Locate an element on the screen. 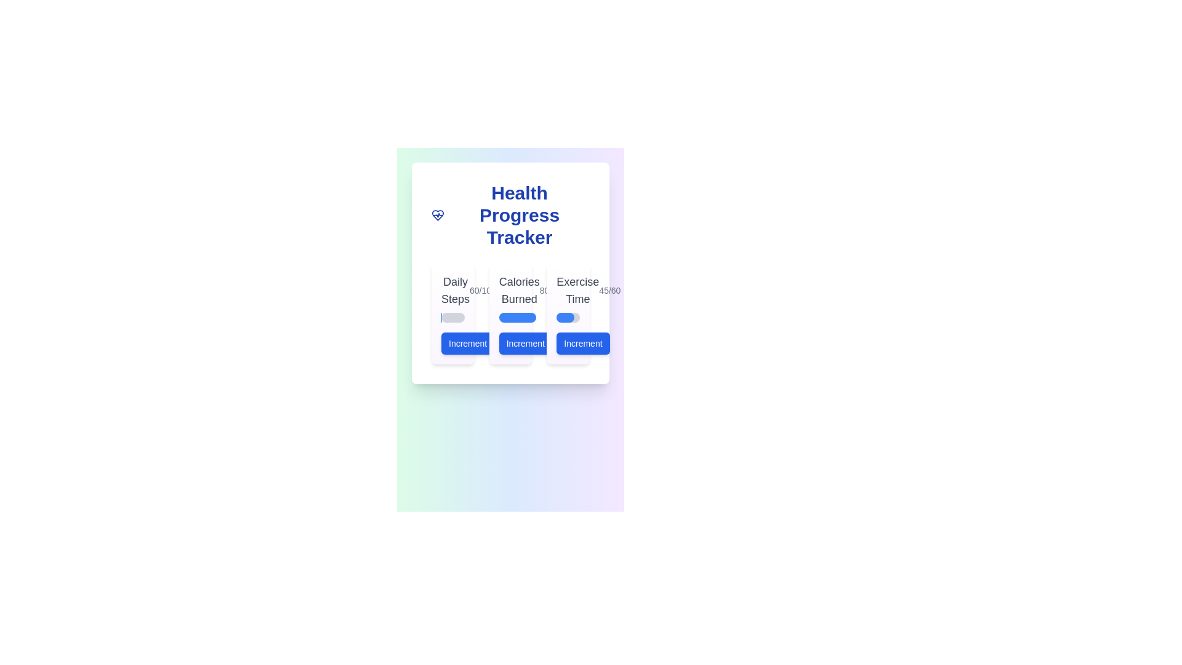  numeric progress value displayed in the text label adjacent to the 'Daily Steps' title, which shows the current/total steps taken is located at coordinates (487, 290).